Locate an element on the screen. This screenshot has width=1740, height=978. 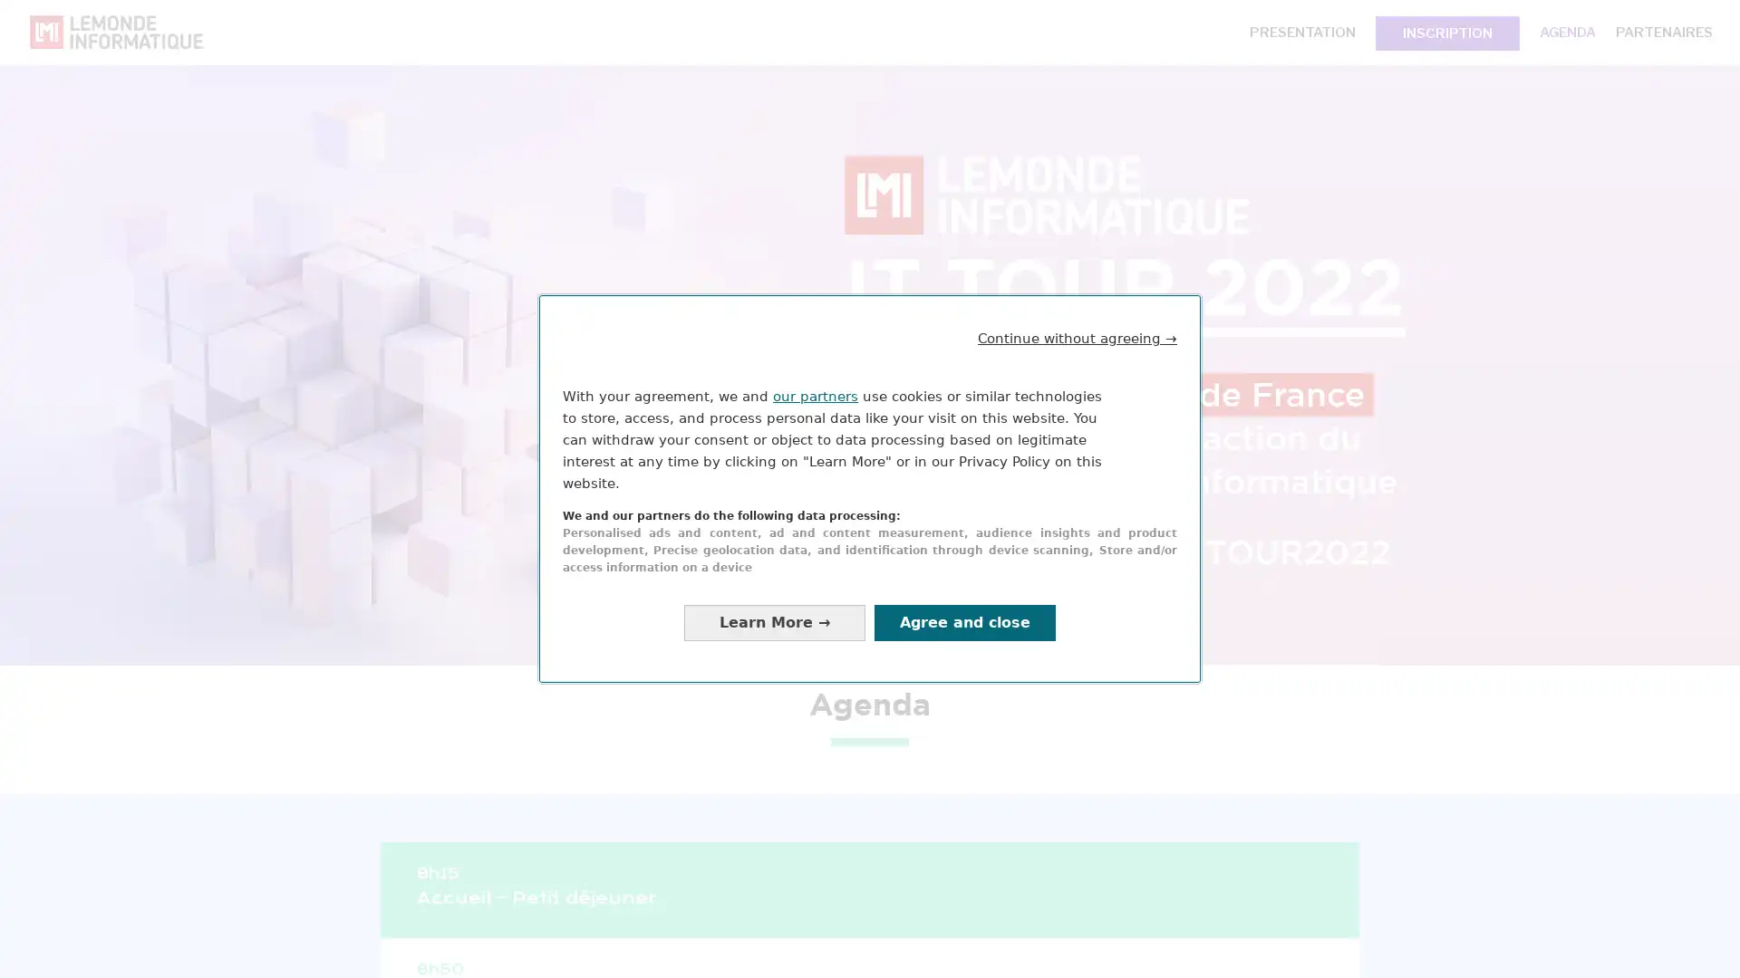
Configure your consents is located at coordinates (774, 621).